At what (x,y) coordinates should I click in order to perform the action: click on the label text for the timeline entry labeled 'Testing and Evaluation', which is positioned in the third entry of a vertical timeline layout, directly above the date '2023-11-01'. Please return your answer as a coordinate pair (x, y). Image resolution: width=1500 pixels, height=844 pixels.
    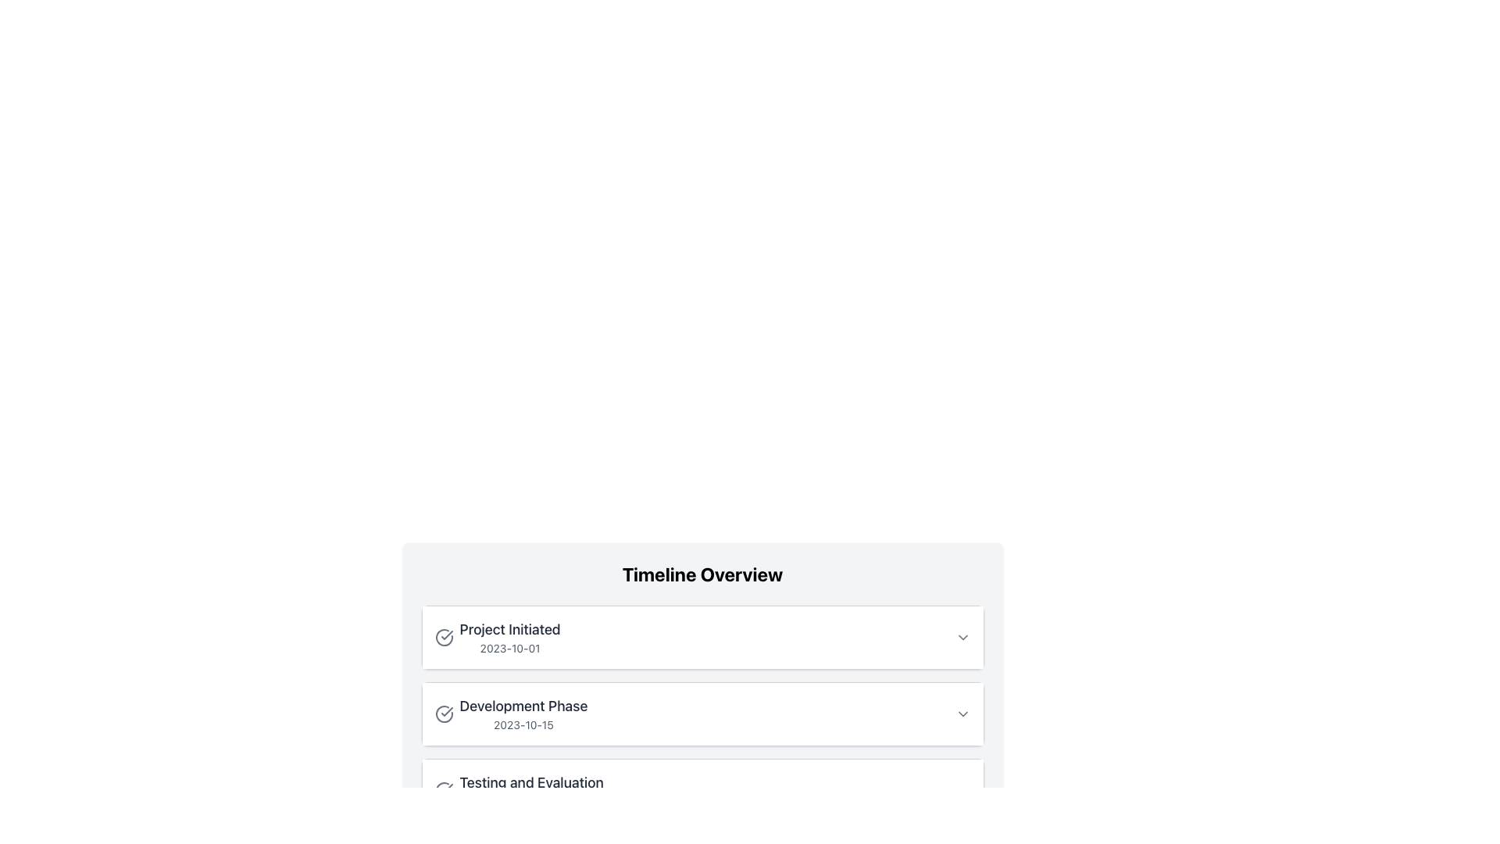
    Looking at the image, I should click on (531, 783).